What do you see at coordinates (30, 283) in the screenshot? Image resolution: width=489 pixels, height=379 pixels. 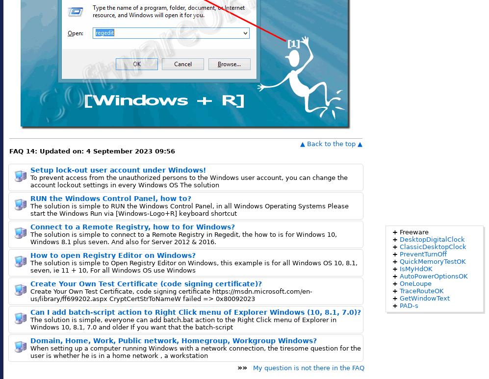 I see `'Create Your Own Test Certificate (code signing certificate)?'` at bounding box center [30, 283].